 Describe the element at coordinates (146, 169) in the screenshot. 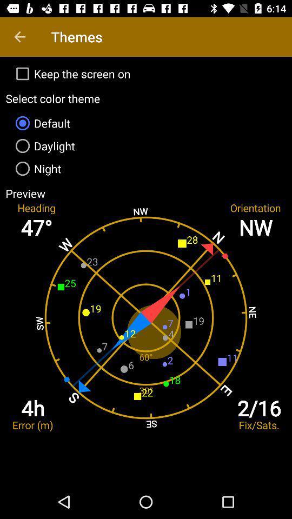

I see `the night icon` at that location.